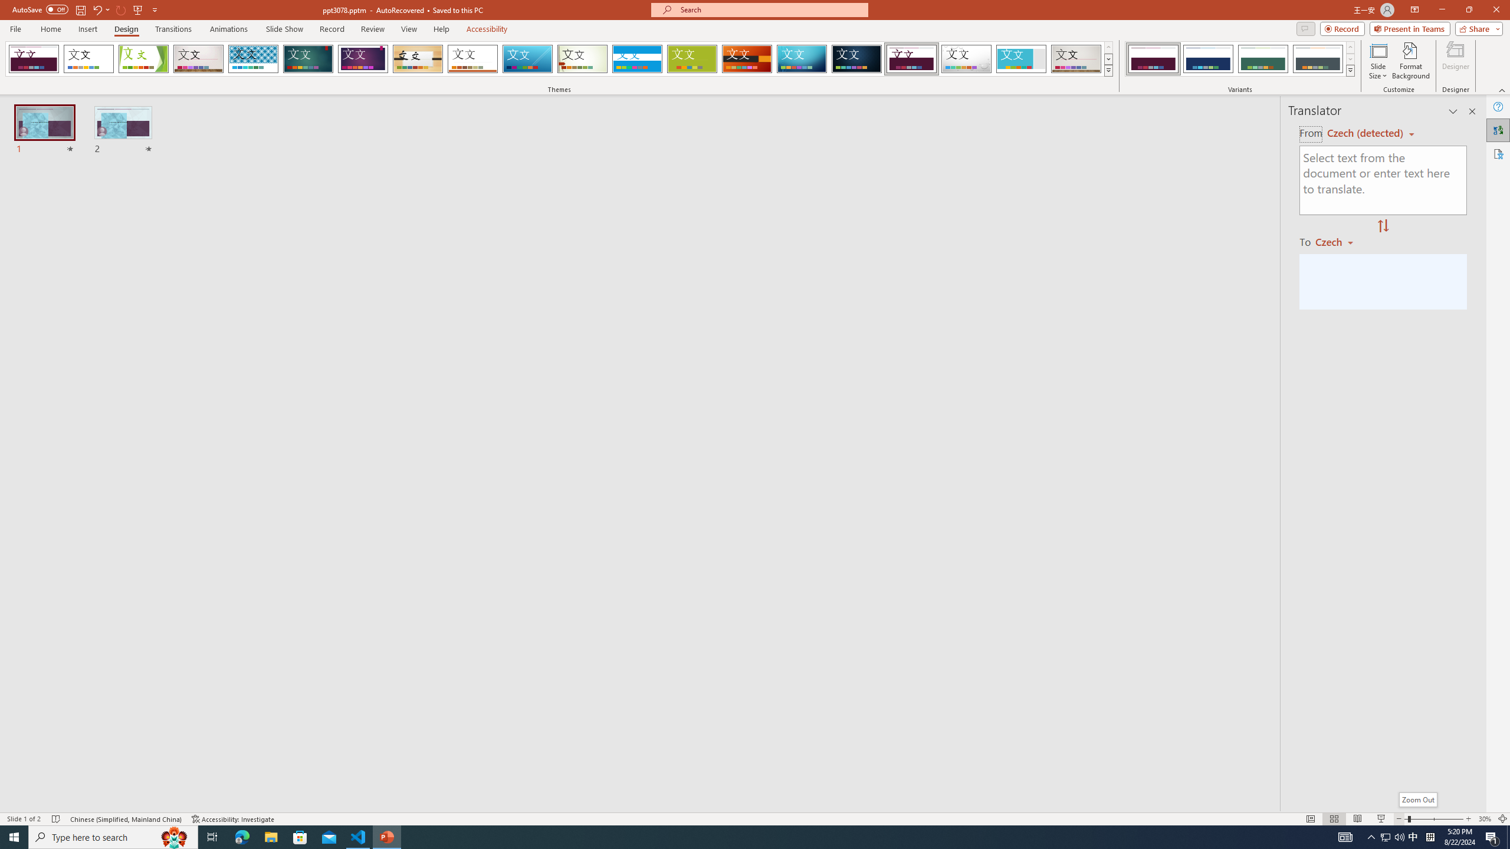 This screenshot has height=849, width=1510. What do you see at coordinates (1262, 58) in the screenshot?
I see `'Dividend Variant 3'` at bounding box center [1262, 58].